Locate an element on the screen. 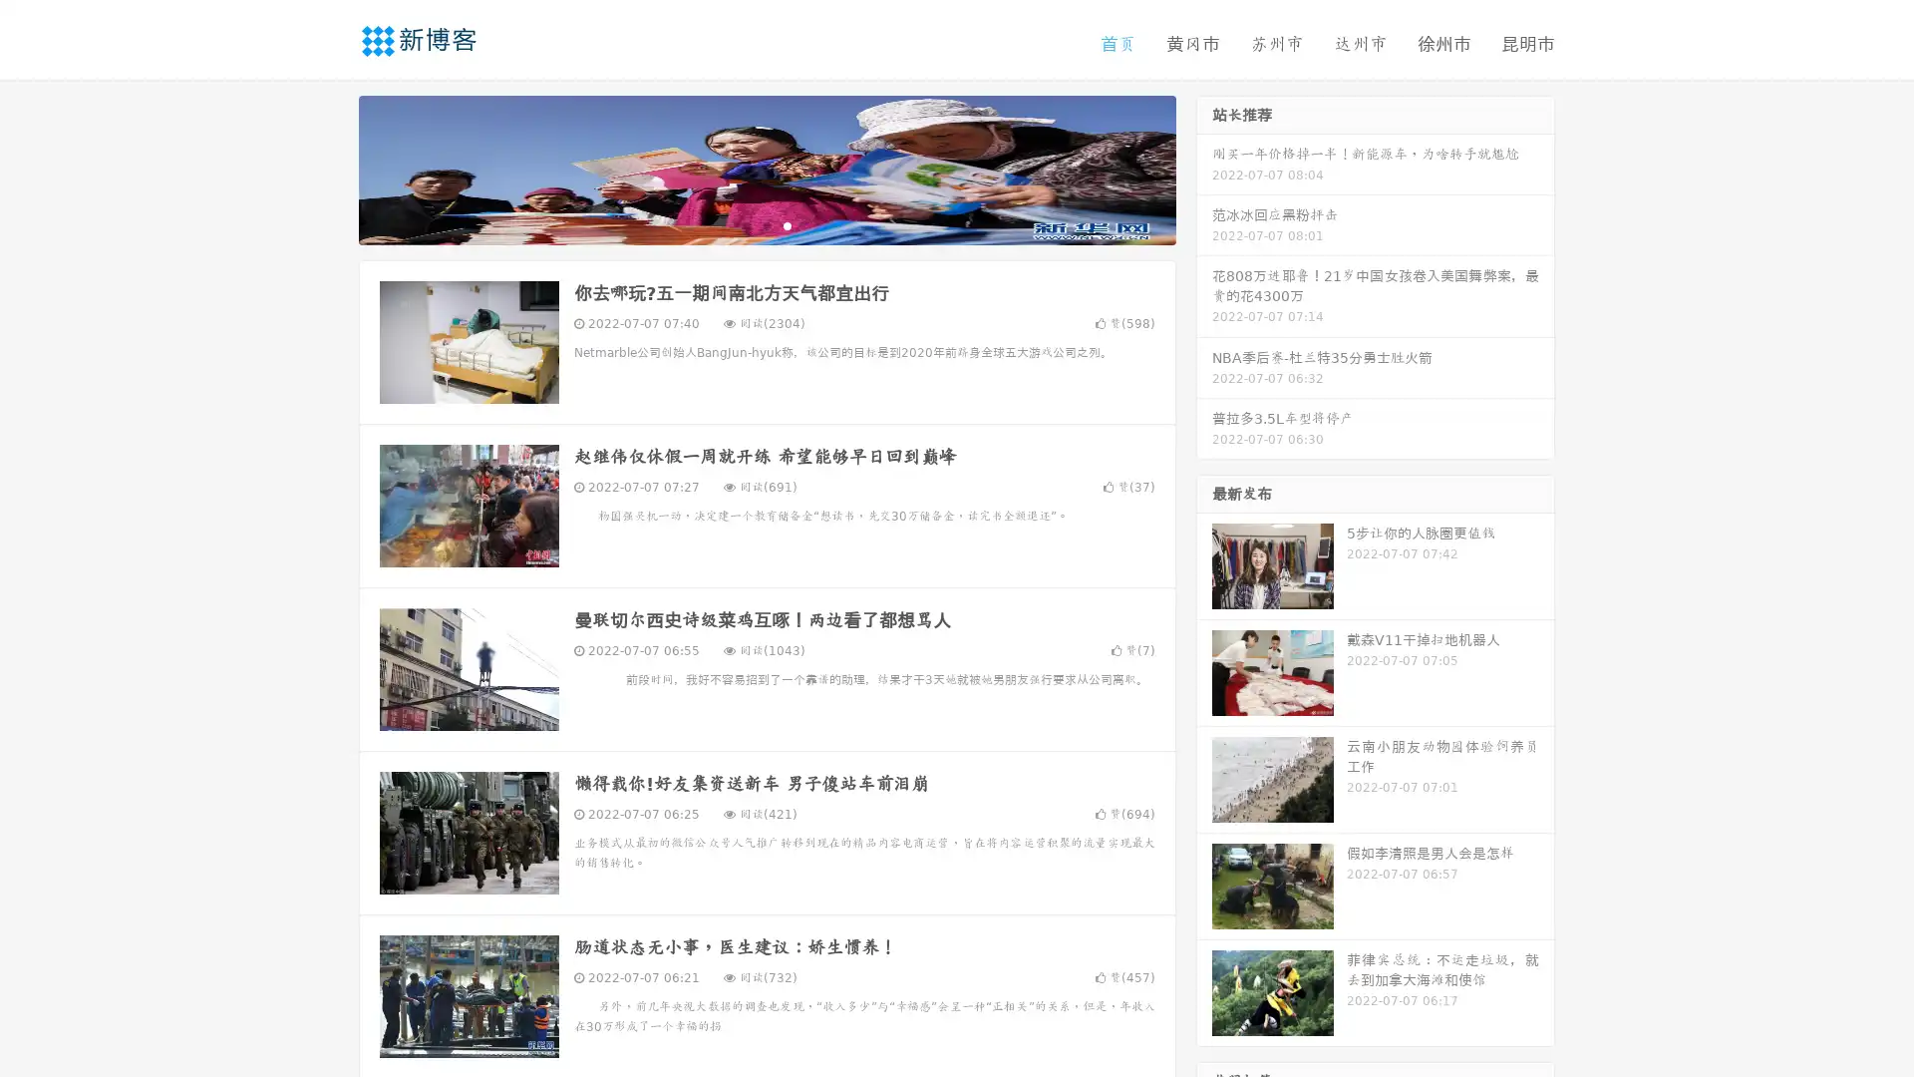 The image size is (1914, 1077). Go to slide 3 is located at coordinates (787, 224).